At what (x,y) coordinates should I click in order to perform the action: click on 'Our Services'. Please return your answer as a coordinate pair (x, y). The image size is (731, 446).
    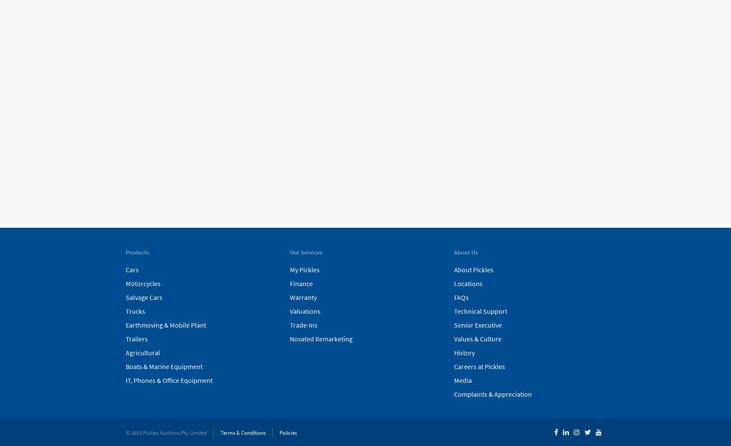
    Looking at the image, I should click on (305, 252).